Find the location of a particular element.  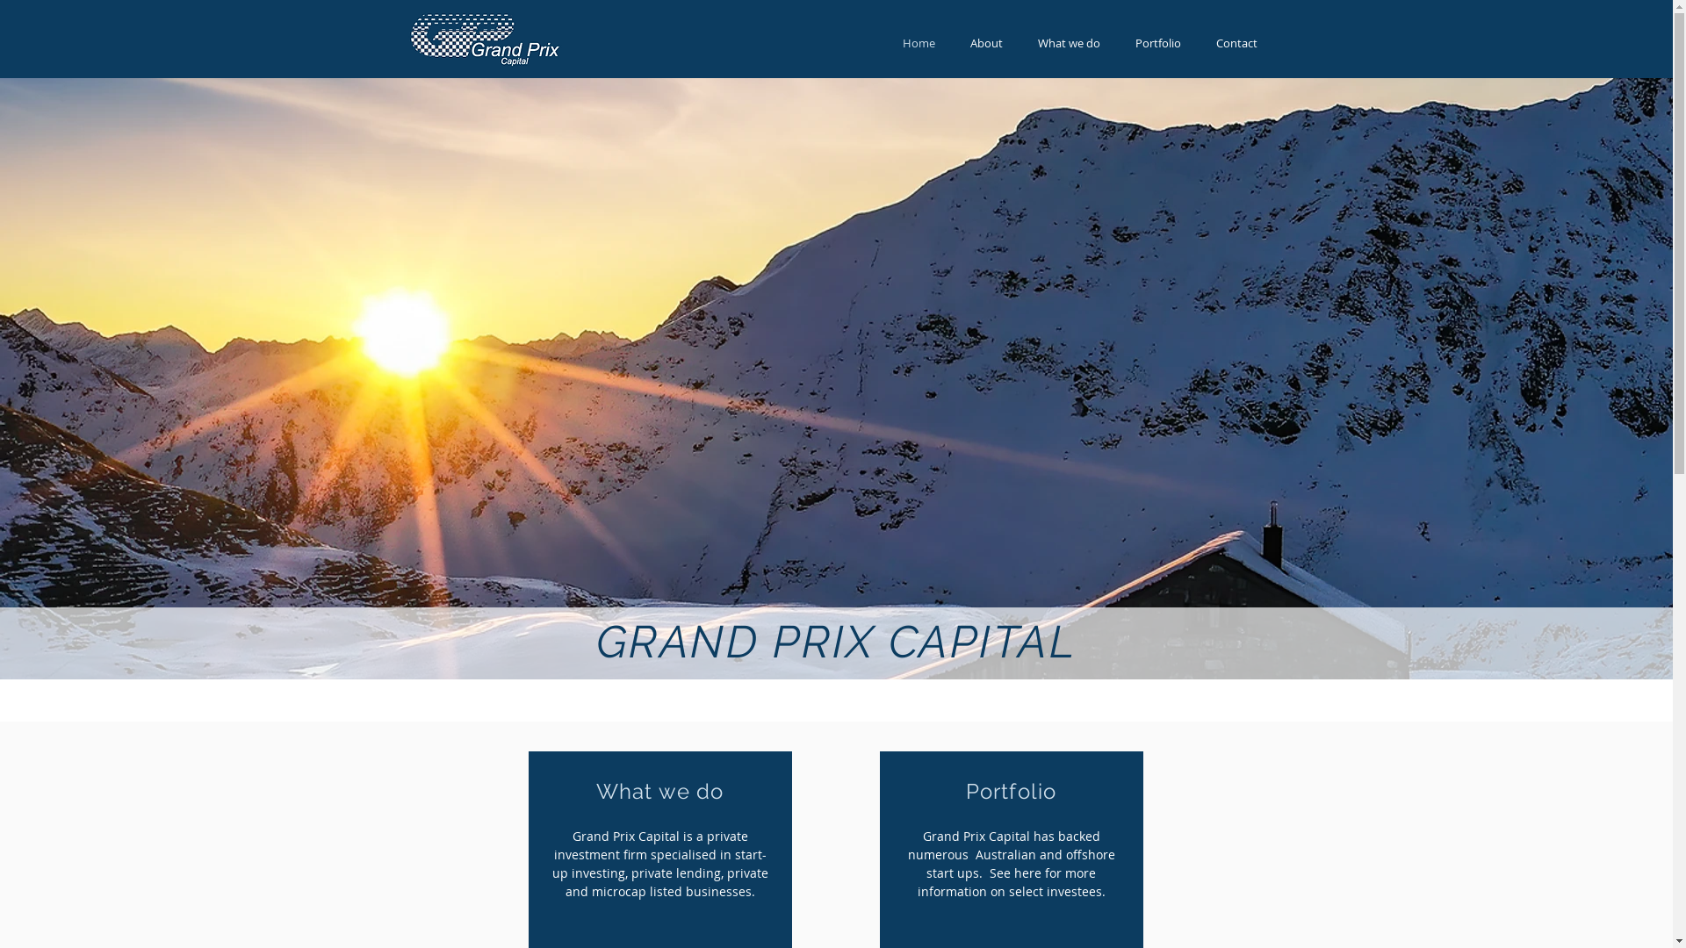

'Home' is located at coordinates (918, 42).